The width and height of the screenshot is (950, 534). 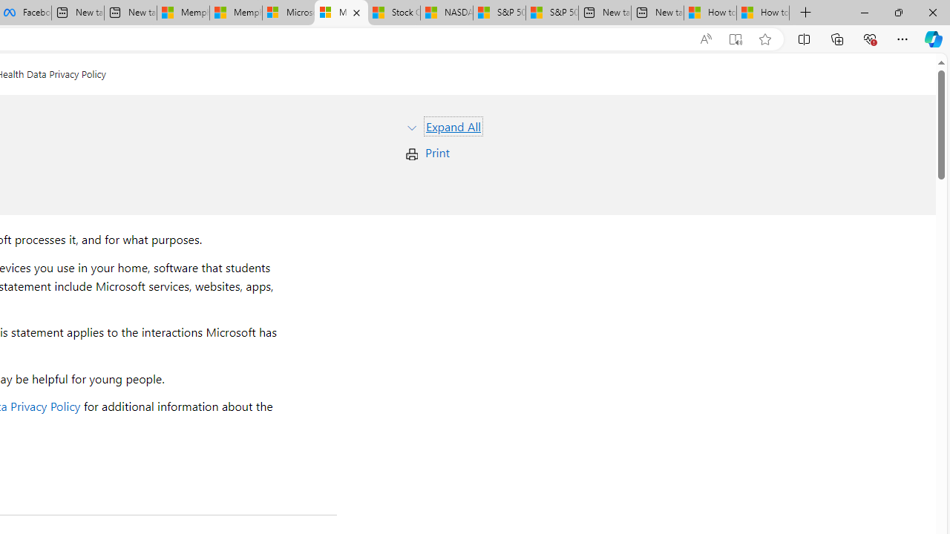 I want to click on 'Copilot (Ctrl+Shift+.)', so click(x=933, y=38).